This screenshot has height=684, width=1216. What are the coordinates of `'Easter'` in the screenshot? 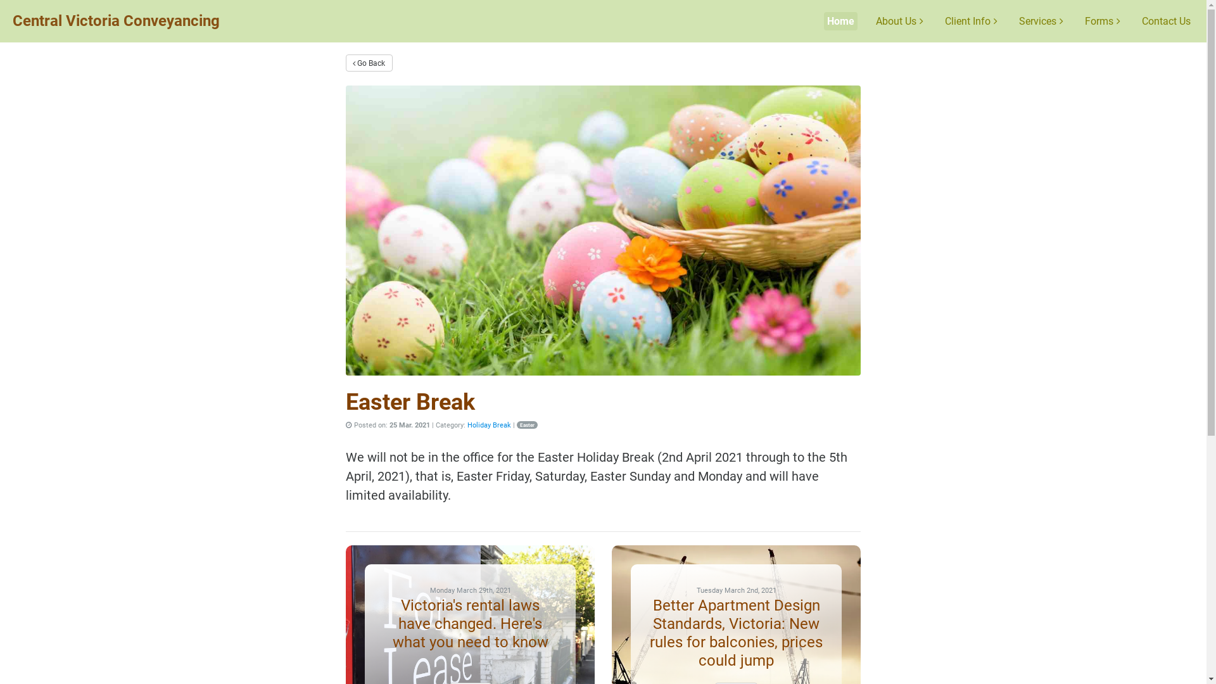 It's located at (527, 425).